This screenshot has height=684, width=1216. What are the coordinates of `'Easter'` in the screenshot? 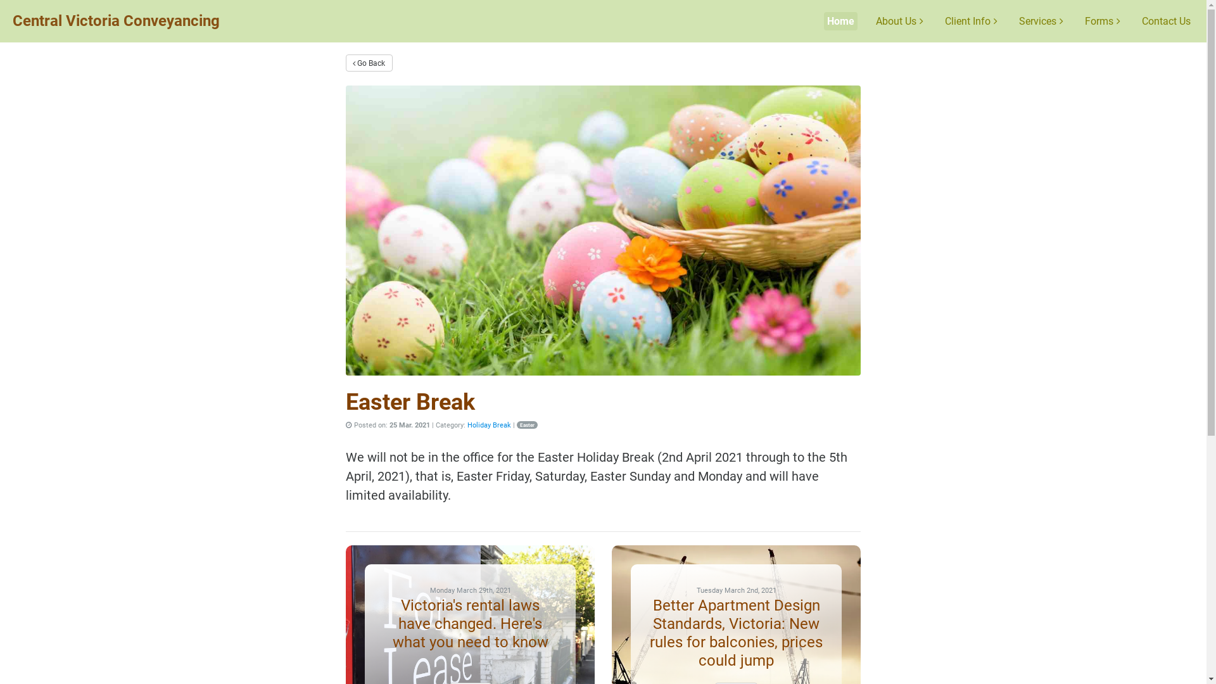 It's located at (527, 425).